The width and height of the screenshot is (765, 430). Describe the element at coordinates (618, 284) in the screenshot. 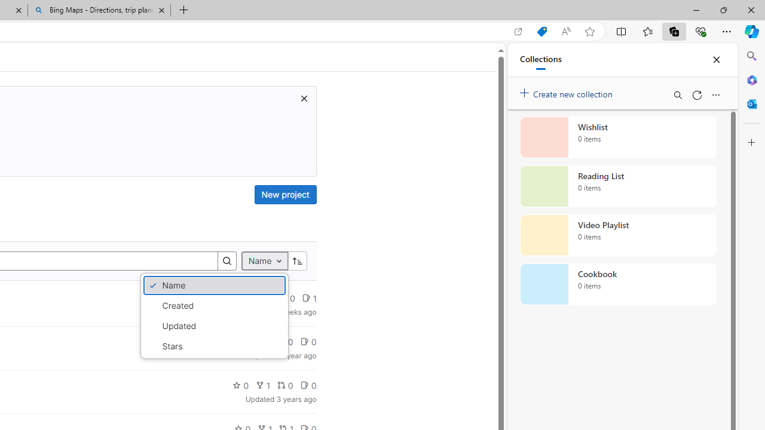

I see `'Cookbook collection, 0 items'` at that location.